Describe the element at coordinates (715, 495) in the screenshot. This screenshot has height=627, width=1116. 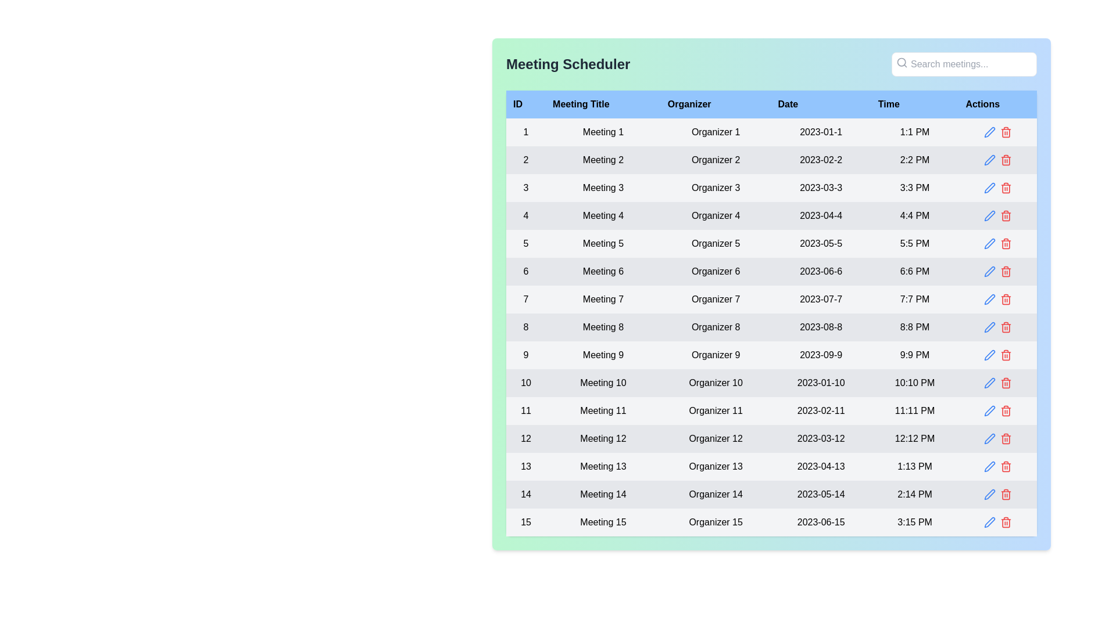
I see `the text label displaying 'Organizer 14', which is located in the third column of the fourteenth row of the table structure` at that location.